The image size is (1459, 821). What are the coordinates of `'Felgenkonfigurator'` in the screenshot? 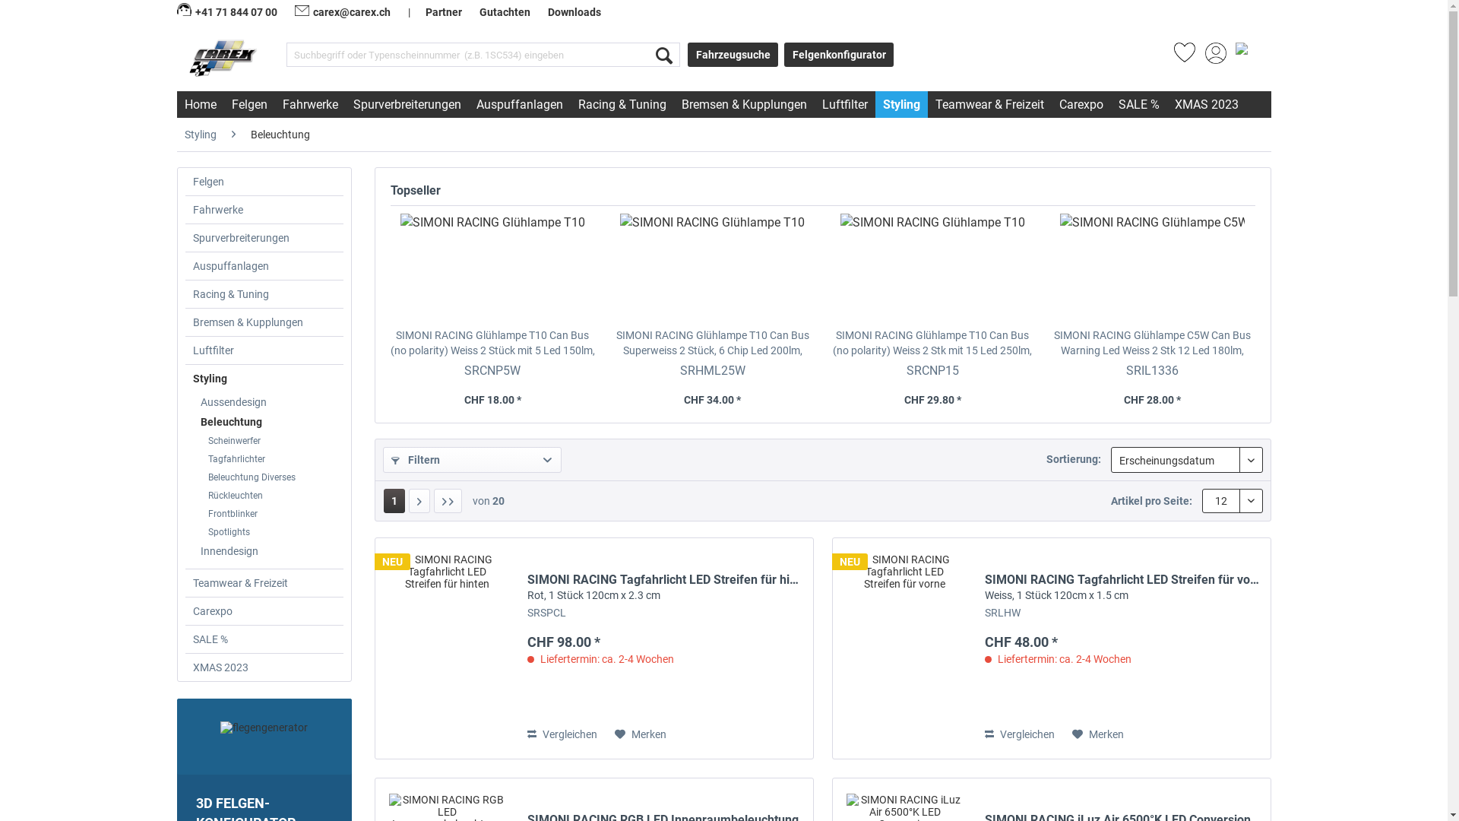 It's located at (838, 54).